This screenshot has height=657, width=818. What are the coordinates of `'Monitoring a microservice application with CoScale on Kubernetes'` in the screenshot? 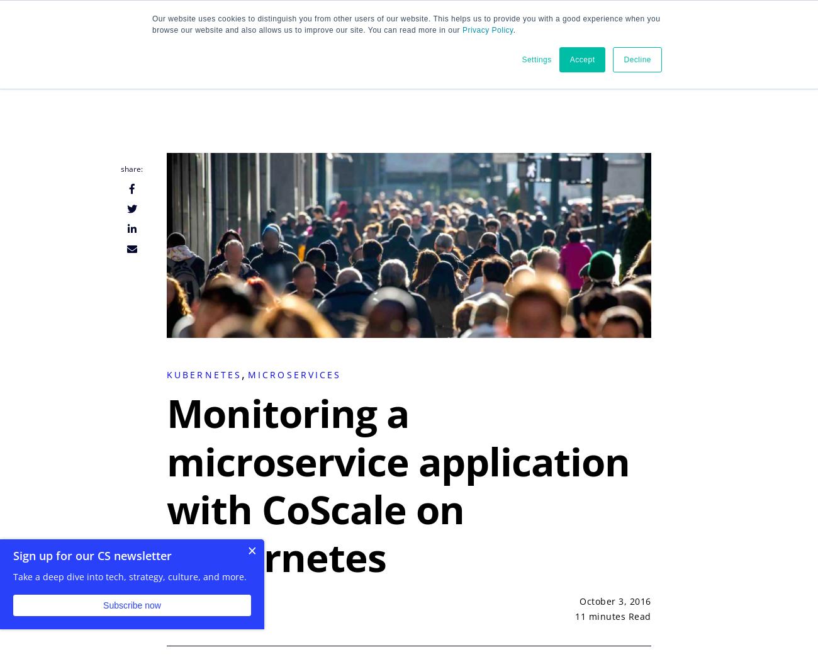 It's located at (398, 485).